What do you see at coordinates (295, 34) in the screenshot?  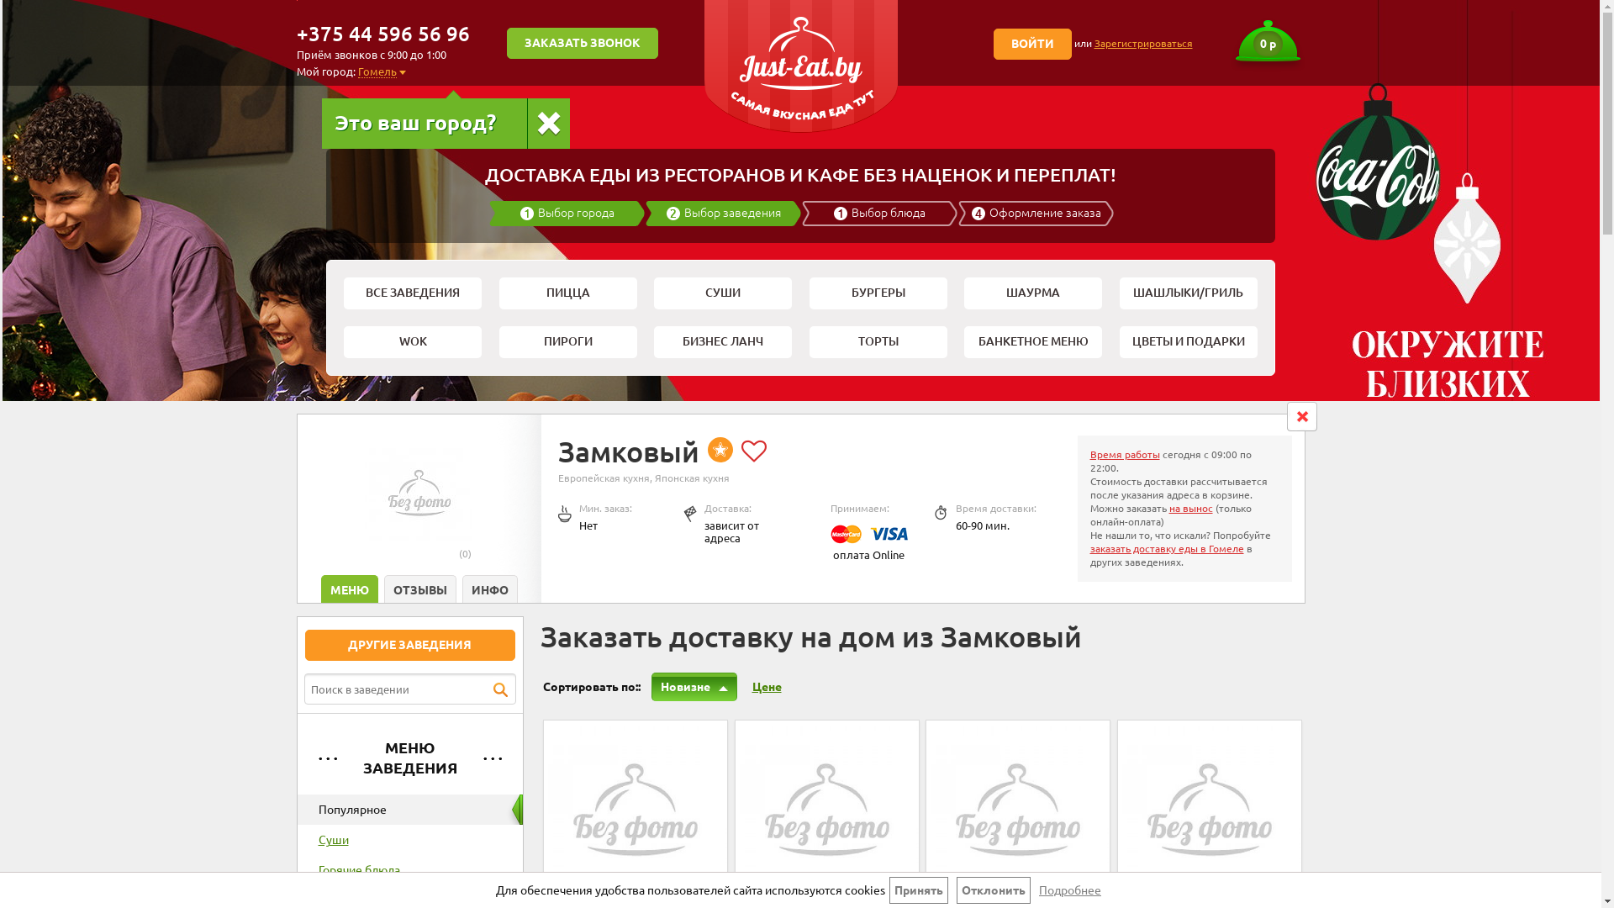 I see `'+375 44 596 56 96'` at bounding box center [295, 34].